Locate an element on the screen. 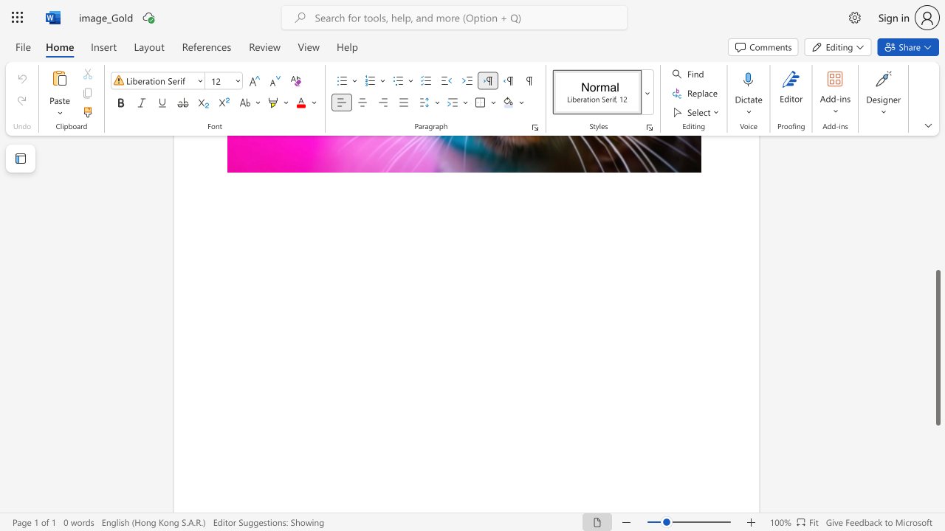  the scrollbar to move the view up is located at coordinates (937, 242).